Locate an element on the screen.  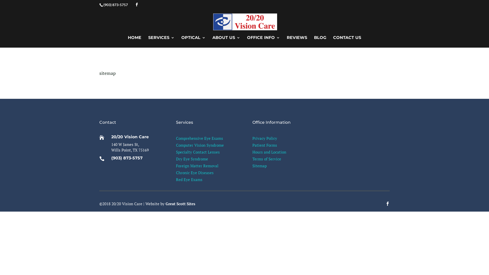
'Terms of Service' is located at coordinates (252, 159).